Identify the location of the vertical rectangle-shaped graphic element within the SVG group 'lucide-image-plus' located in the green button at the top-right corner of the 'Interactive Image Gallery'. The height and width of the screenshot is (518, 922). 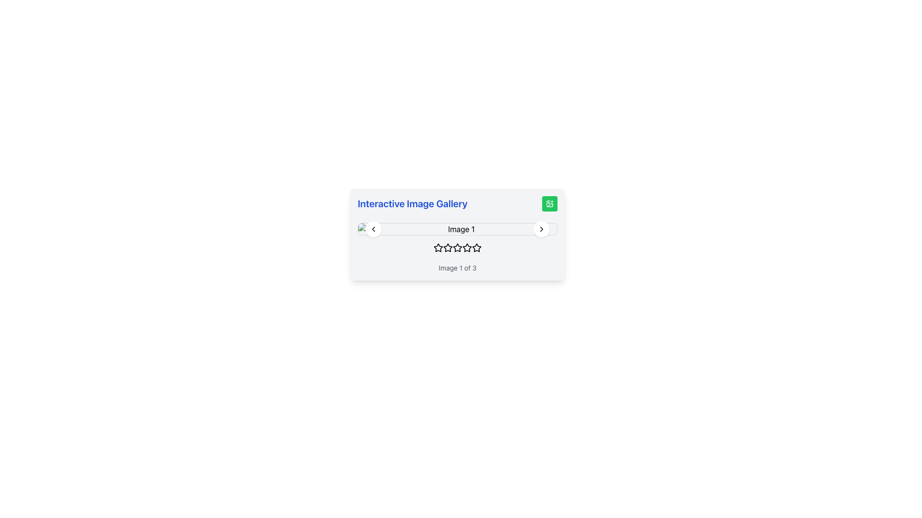
(550, 203).